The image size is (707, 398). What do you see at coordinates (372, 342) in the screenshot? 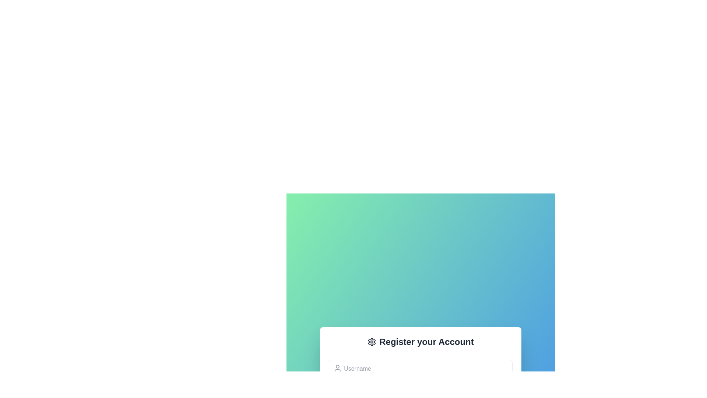
I see `the gear icon representing settings` at bounding box center [372, 342].